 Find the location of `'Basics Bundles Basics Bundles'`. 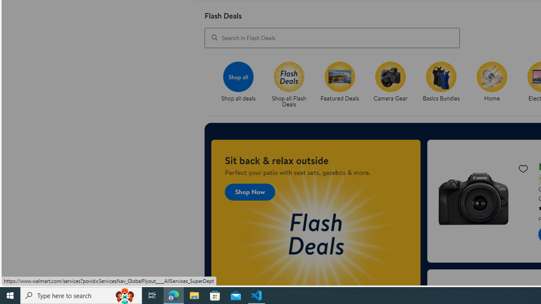

'Basics Bundles Basics Bundles' is located at coordinates (440, 82).